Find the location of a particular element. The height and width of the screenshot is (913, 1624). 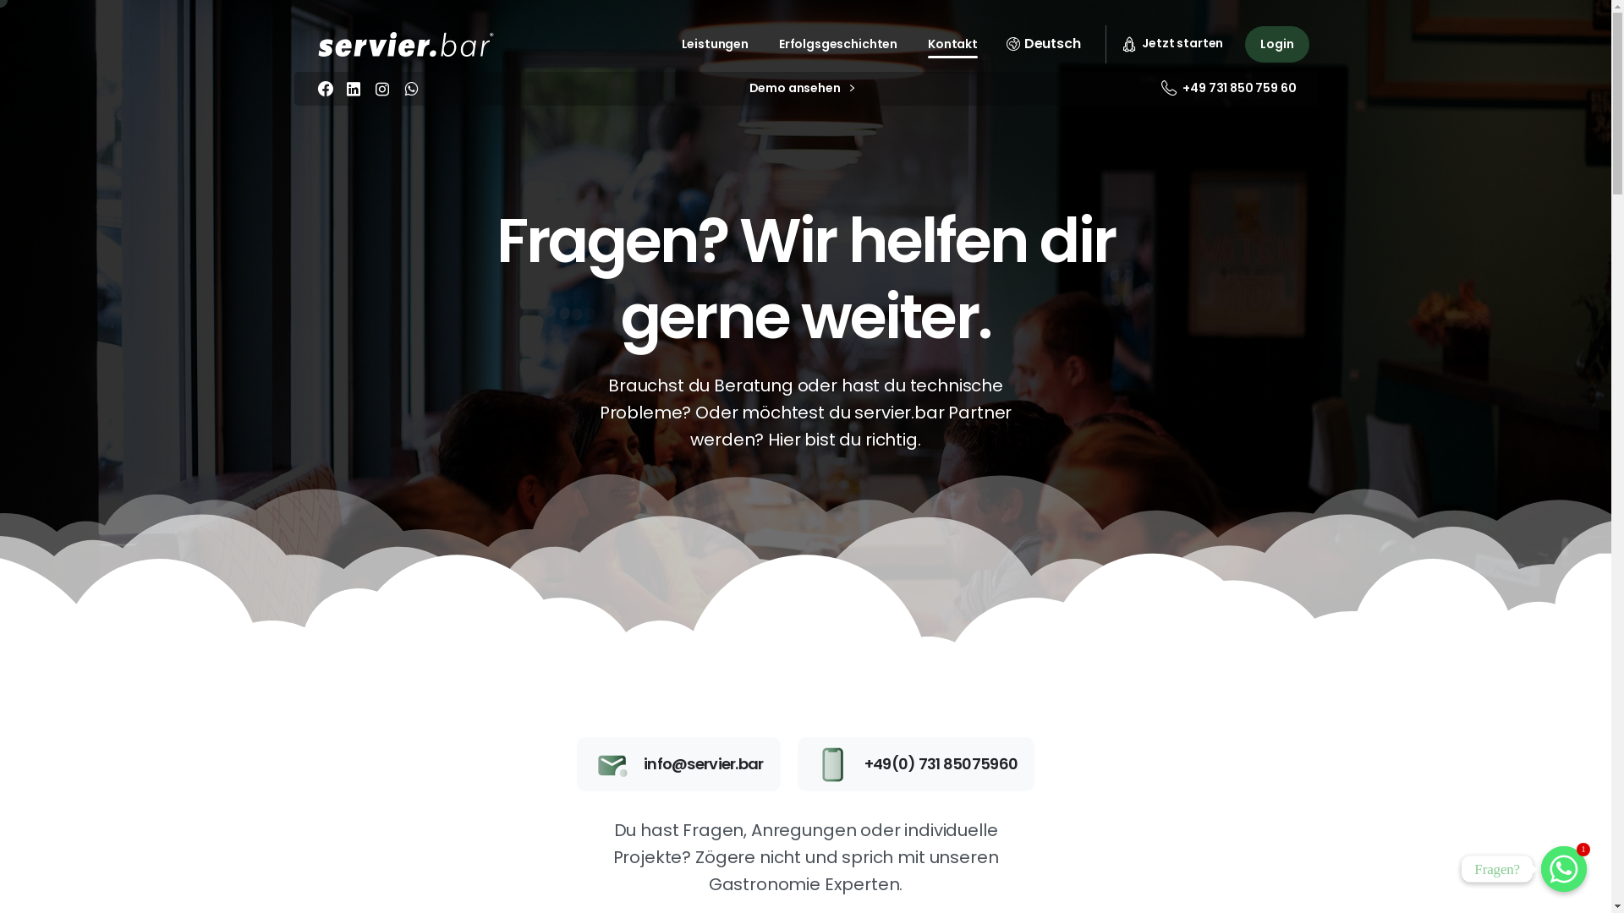

'Leistungen' is located at coordinates (715, 43).